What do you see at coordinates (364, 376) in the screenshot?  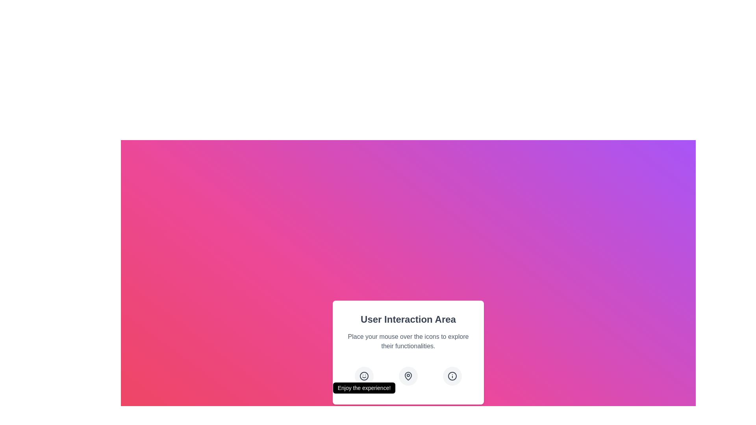 I see `the smiley face icon button located at the bottom left of the 'User Interaction Area' dialog box` at bounding box center [364, 376].